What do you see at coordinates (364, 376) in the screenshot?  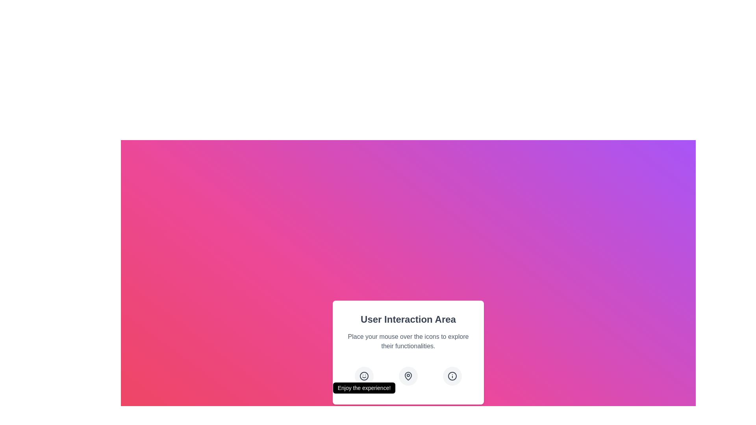 I see `the smiley face icon button located at the bottom left of the 'User Interaction Area' dialog box` at bounding box center [364, 376].